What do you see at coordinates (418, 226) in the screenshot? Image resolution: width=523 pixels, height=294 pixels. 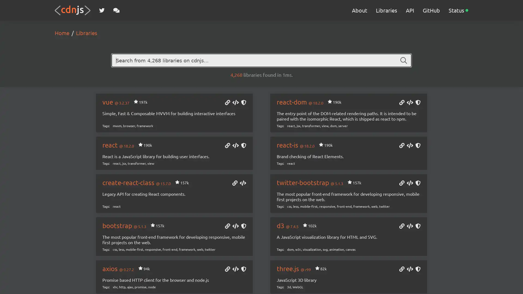 I see `Copy SRI Hash` at bounding box center [418, 226].